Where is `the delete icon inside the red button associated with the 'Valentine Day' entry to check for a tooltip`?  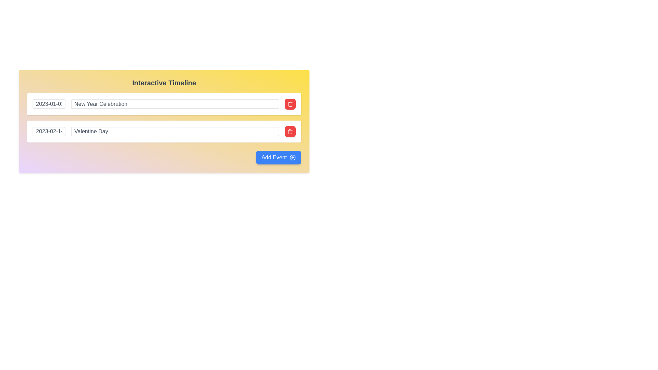 the delete icon inside the red button associated with the 'Valentine Day' entry to check for a tooltip is located at coordinates (290, 132).